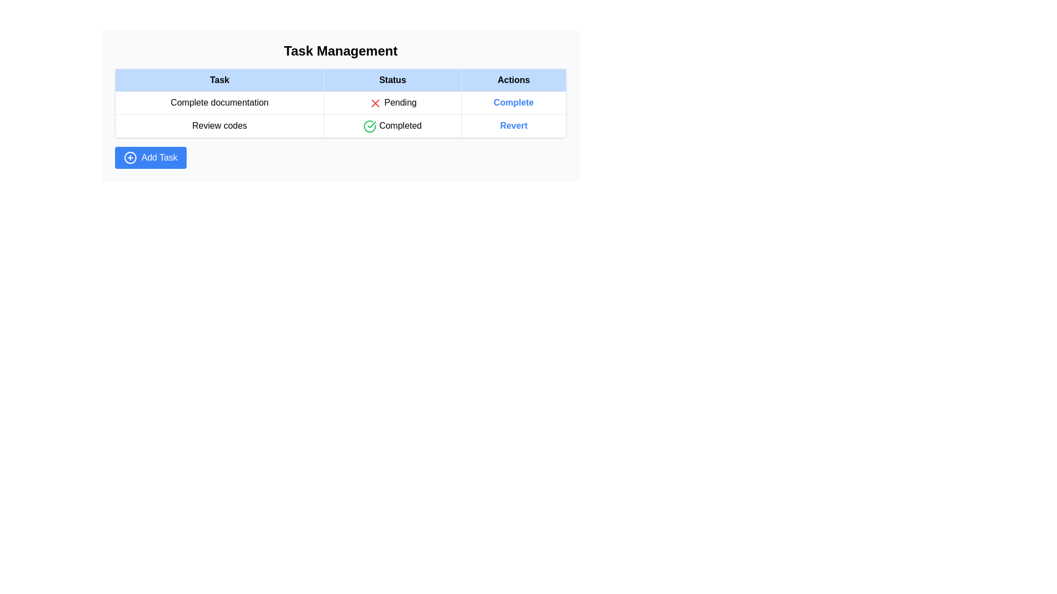  What do you see at coordinates (130, 157) in the screenshot?
I see `the circular graphic element located at the center of the blue 'Add Task' button in the task management interface` at bounding box center [130, 157].